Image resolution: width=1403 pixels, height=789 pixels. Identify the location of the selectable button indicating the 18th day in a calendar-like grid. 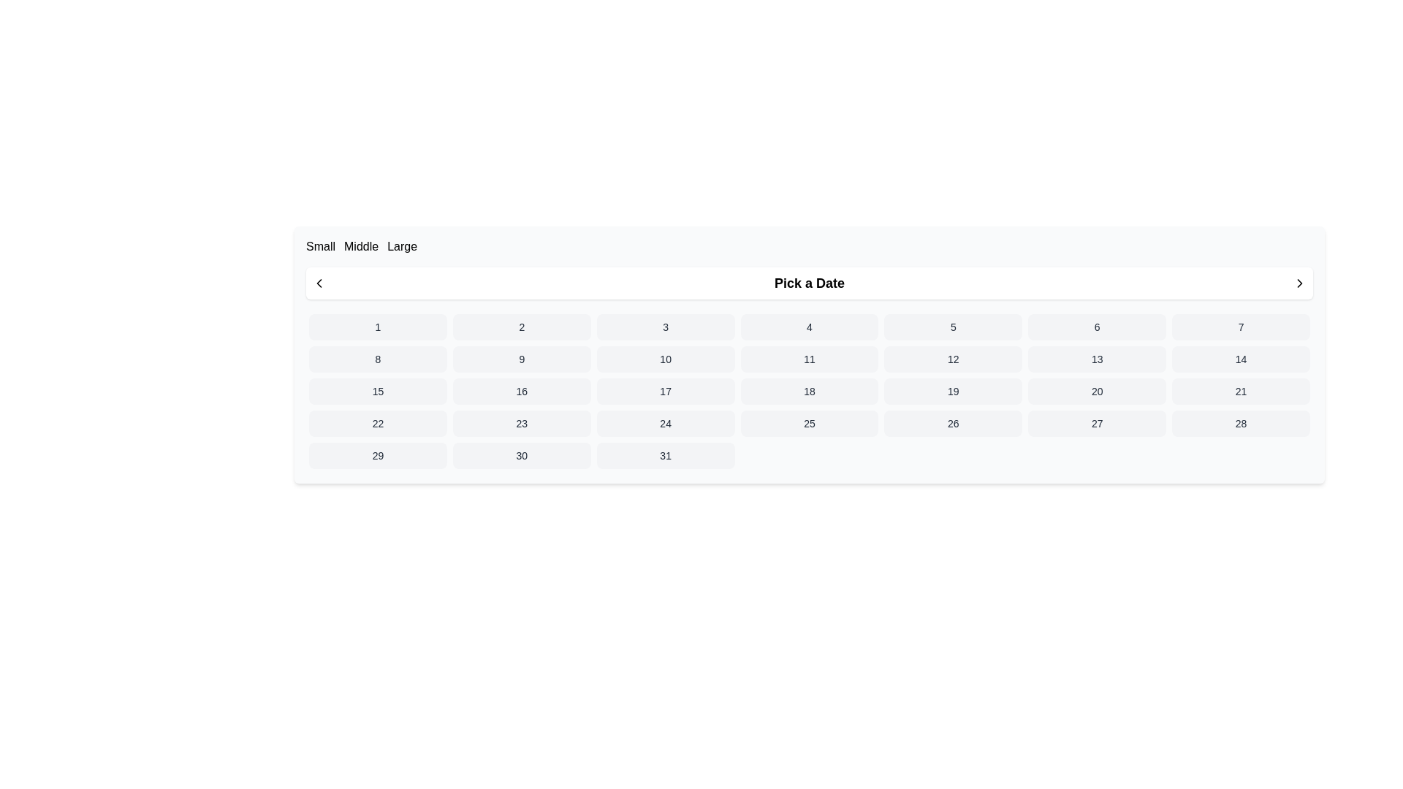
(809, 391).